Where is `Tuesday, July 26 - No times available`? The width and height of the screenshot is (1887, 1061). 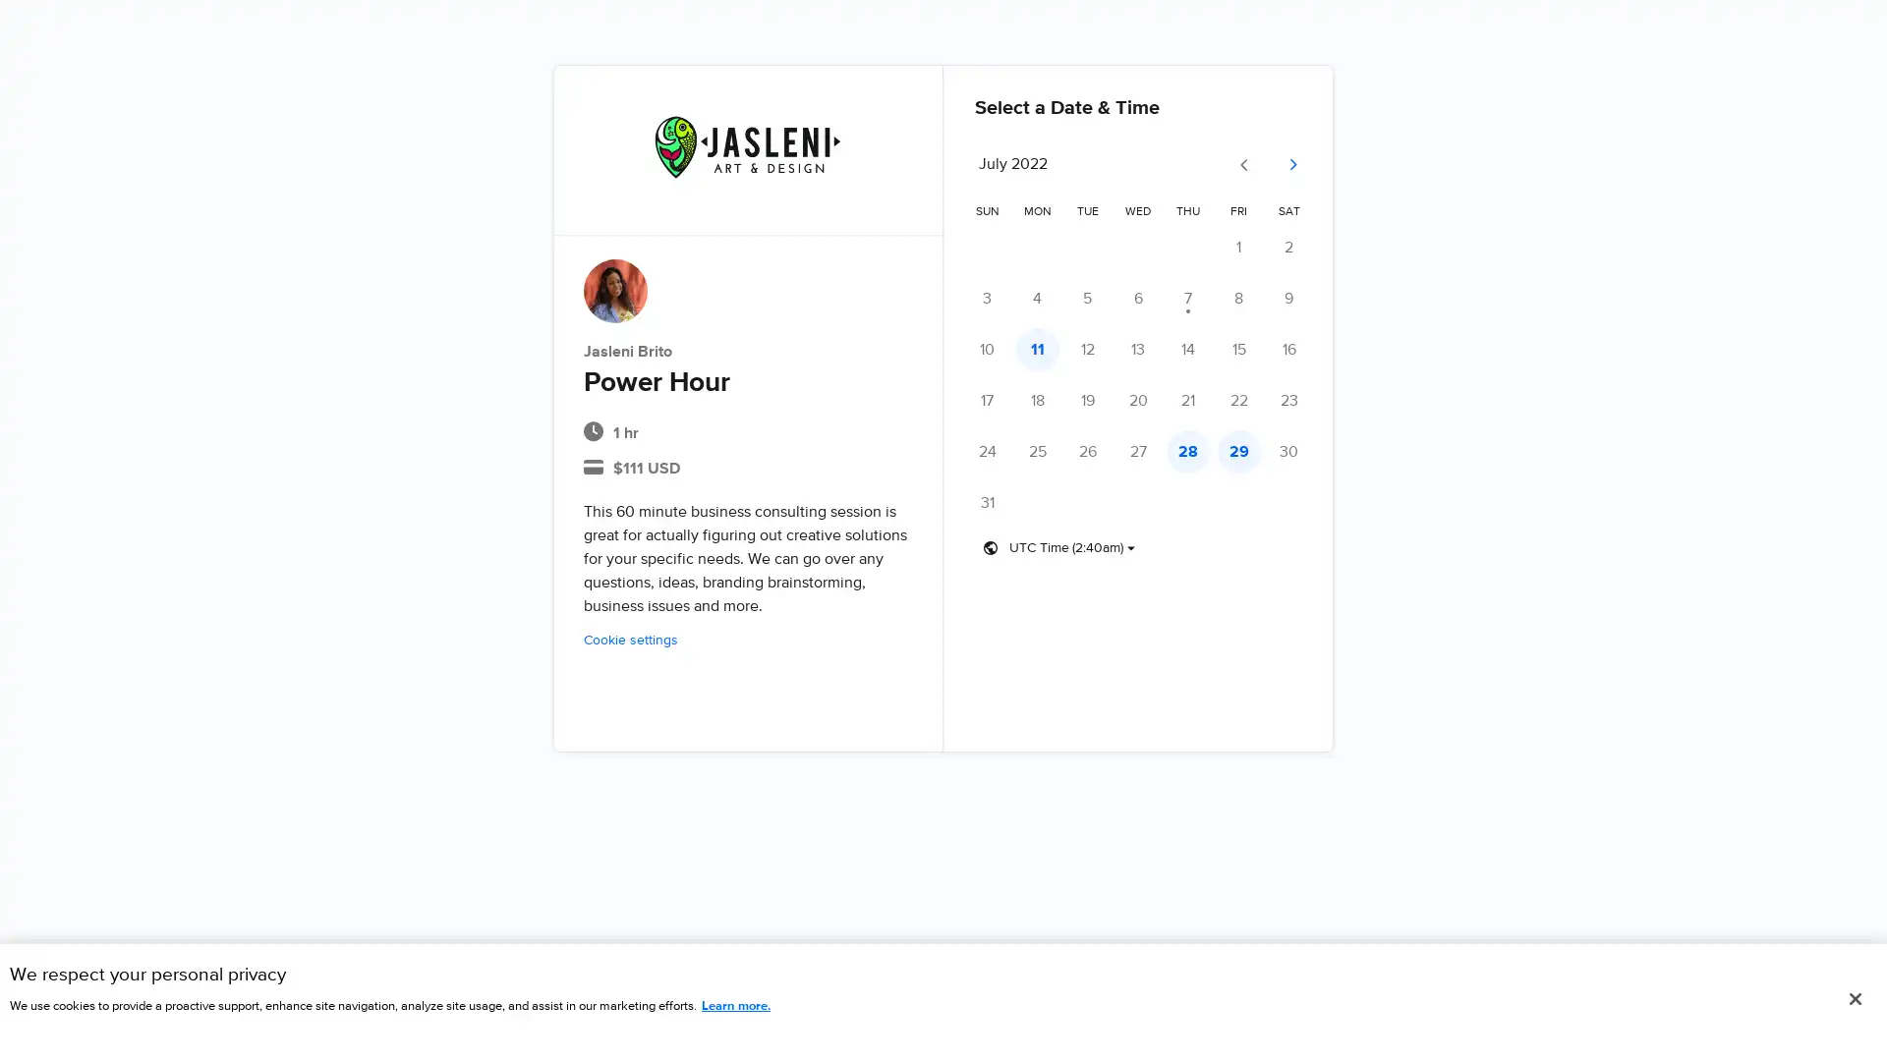
Tuesday, July 26 - No times available is located at coordinates (1087, 451).